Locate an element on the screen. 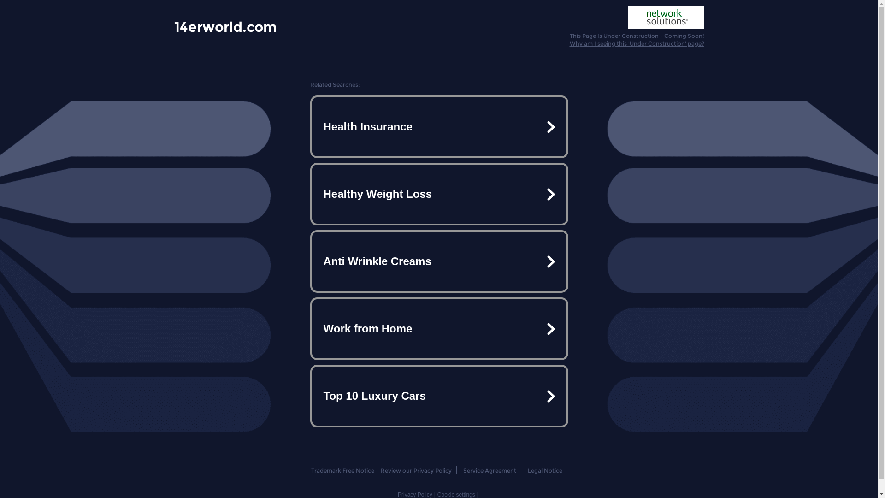 The width and height of the screenshot is (885, 498). 'Health Insurance' is located at coordinates (438, 126).